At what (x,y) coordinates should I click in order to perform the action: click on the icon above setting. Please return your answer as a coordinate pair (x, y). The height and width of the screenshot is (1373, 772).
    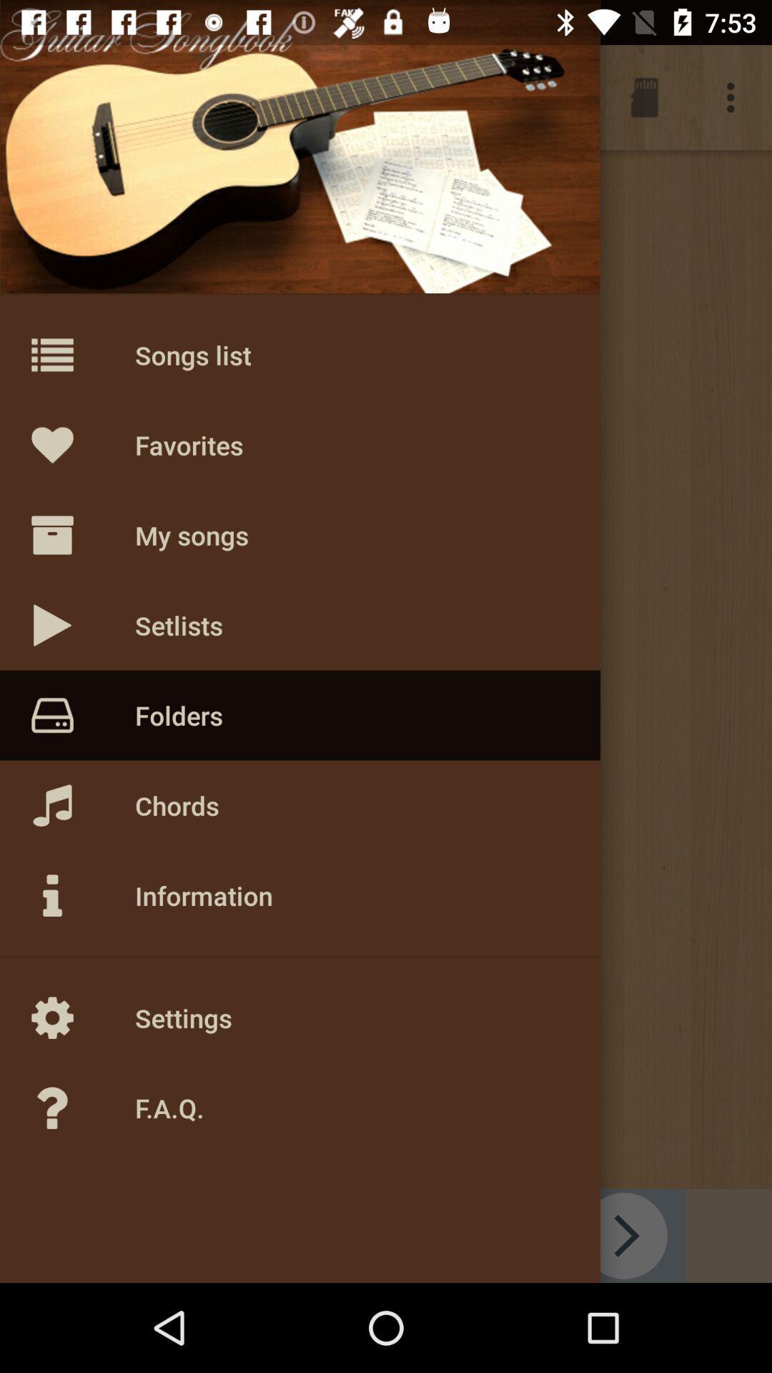
    Looking at the image, I should click on (82, 895).